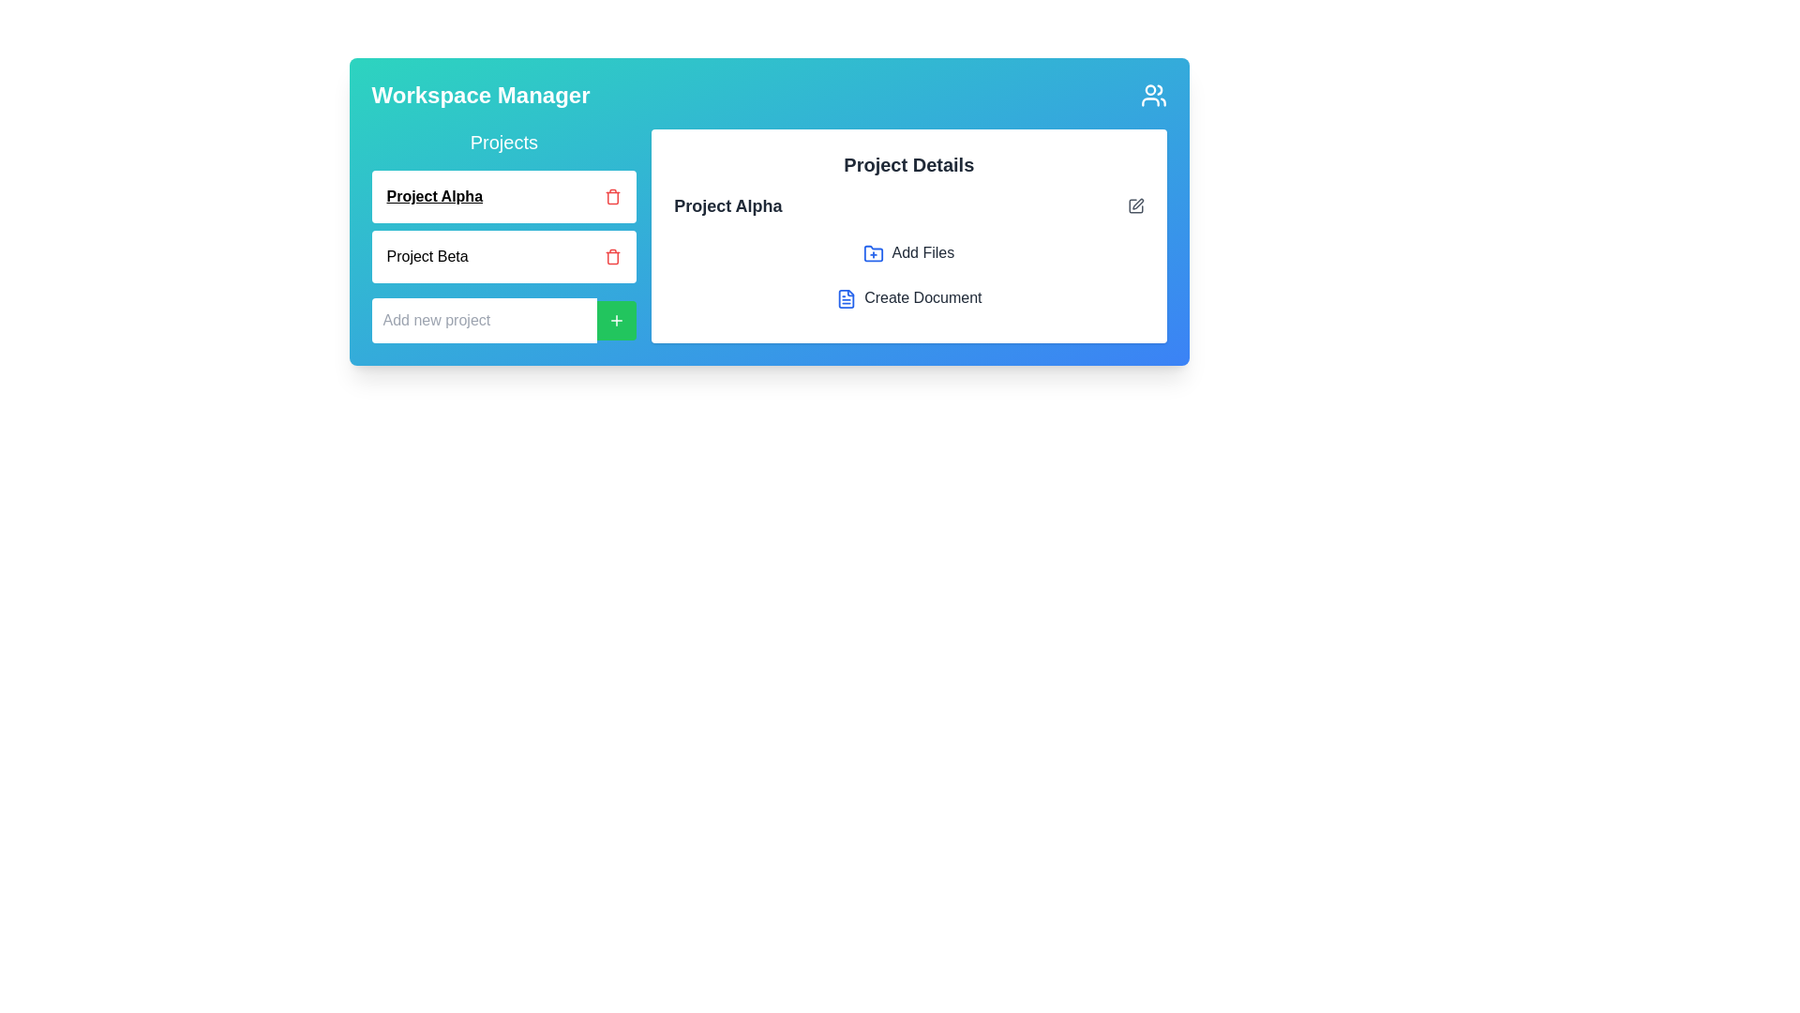  Describe the element at coordinates (503, 234) in the screenshot. I see `the project management panel located in the left section of the interface under the 'Workspace Manager' header, which contains text and actionable icons` at that location.